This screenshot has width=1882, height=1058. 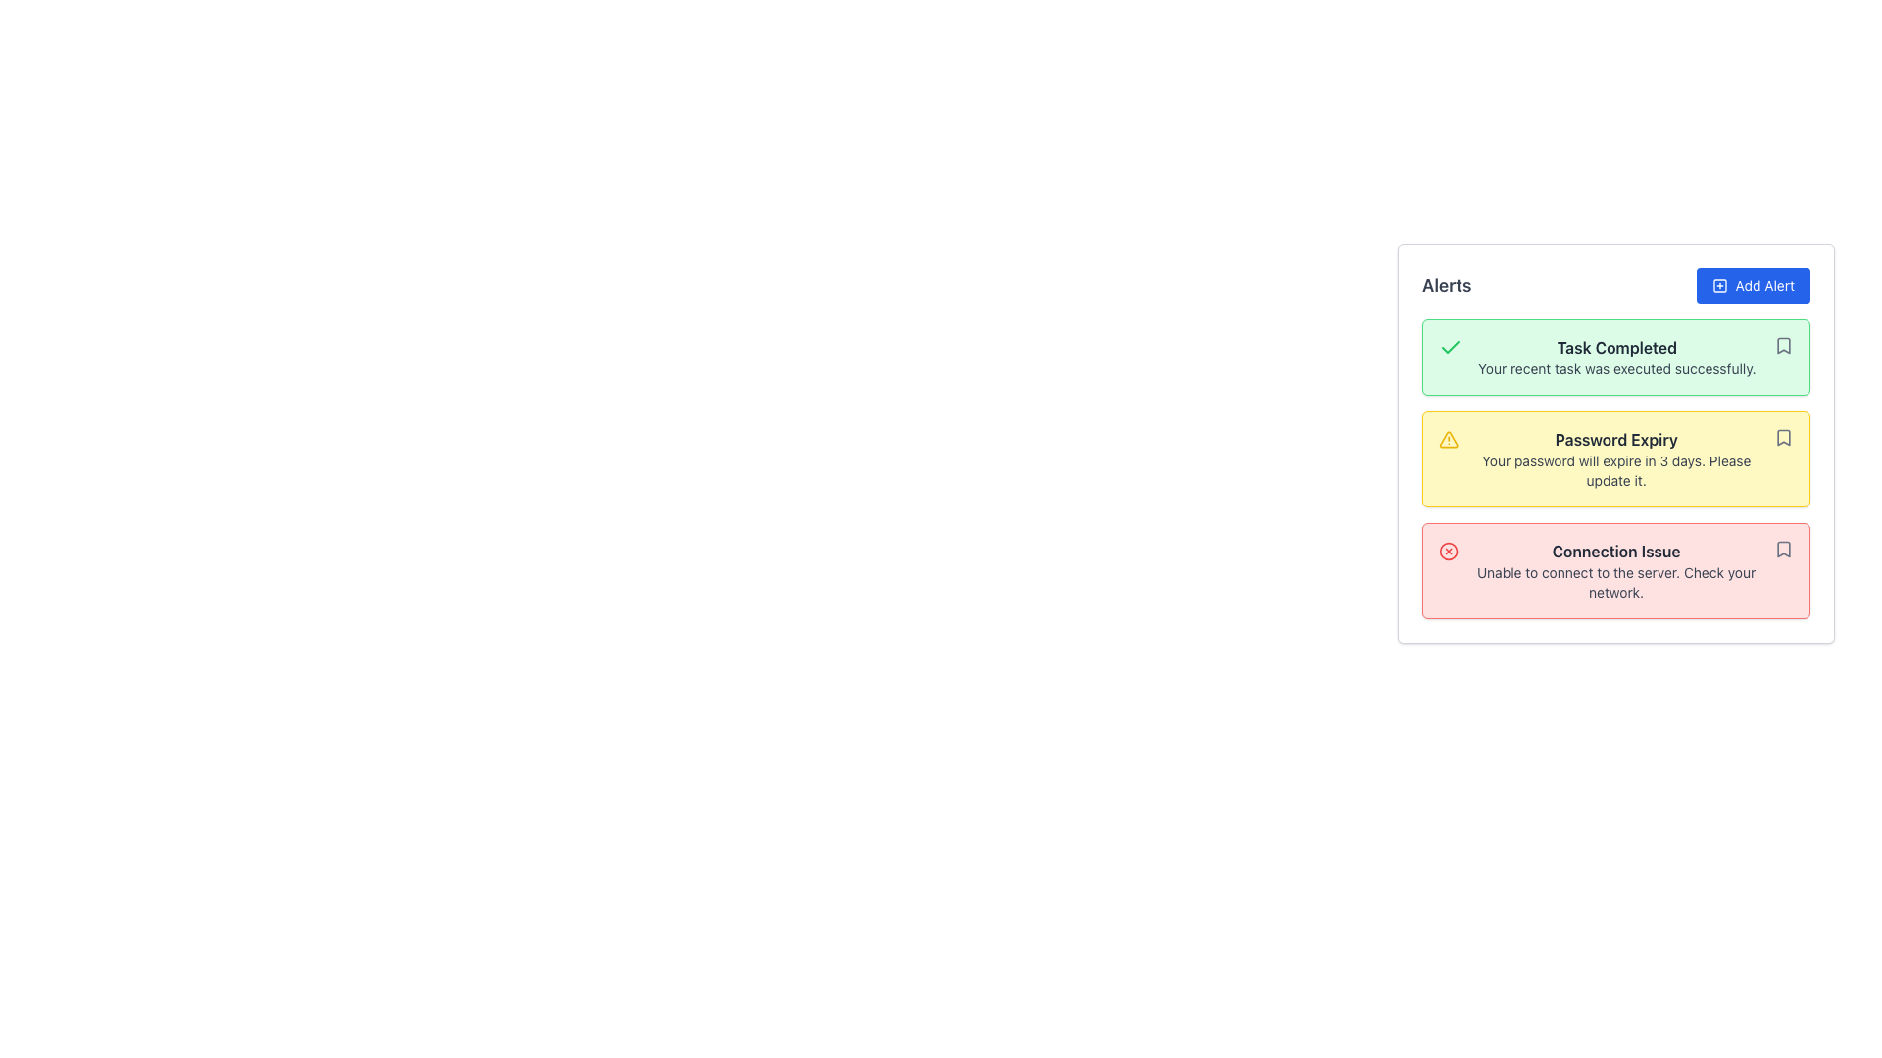 What do you see at coordinates (1783, 345) in the screenshot?
I see `the bookmark icon located in the top-right corner of the green 'Task Completed' notification card to bookmark the notification` at bounding box center [1783, 345].